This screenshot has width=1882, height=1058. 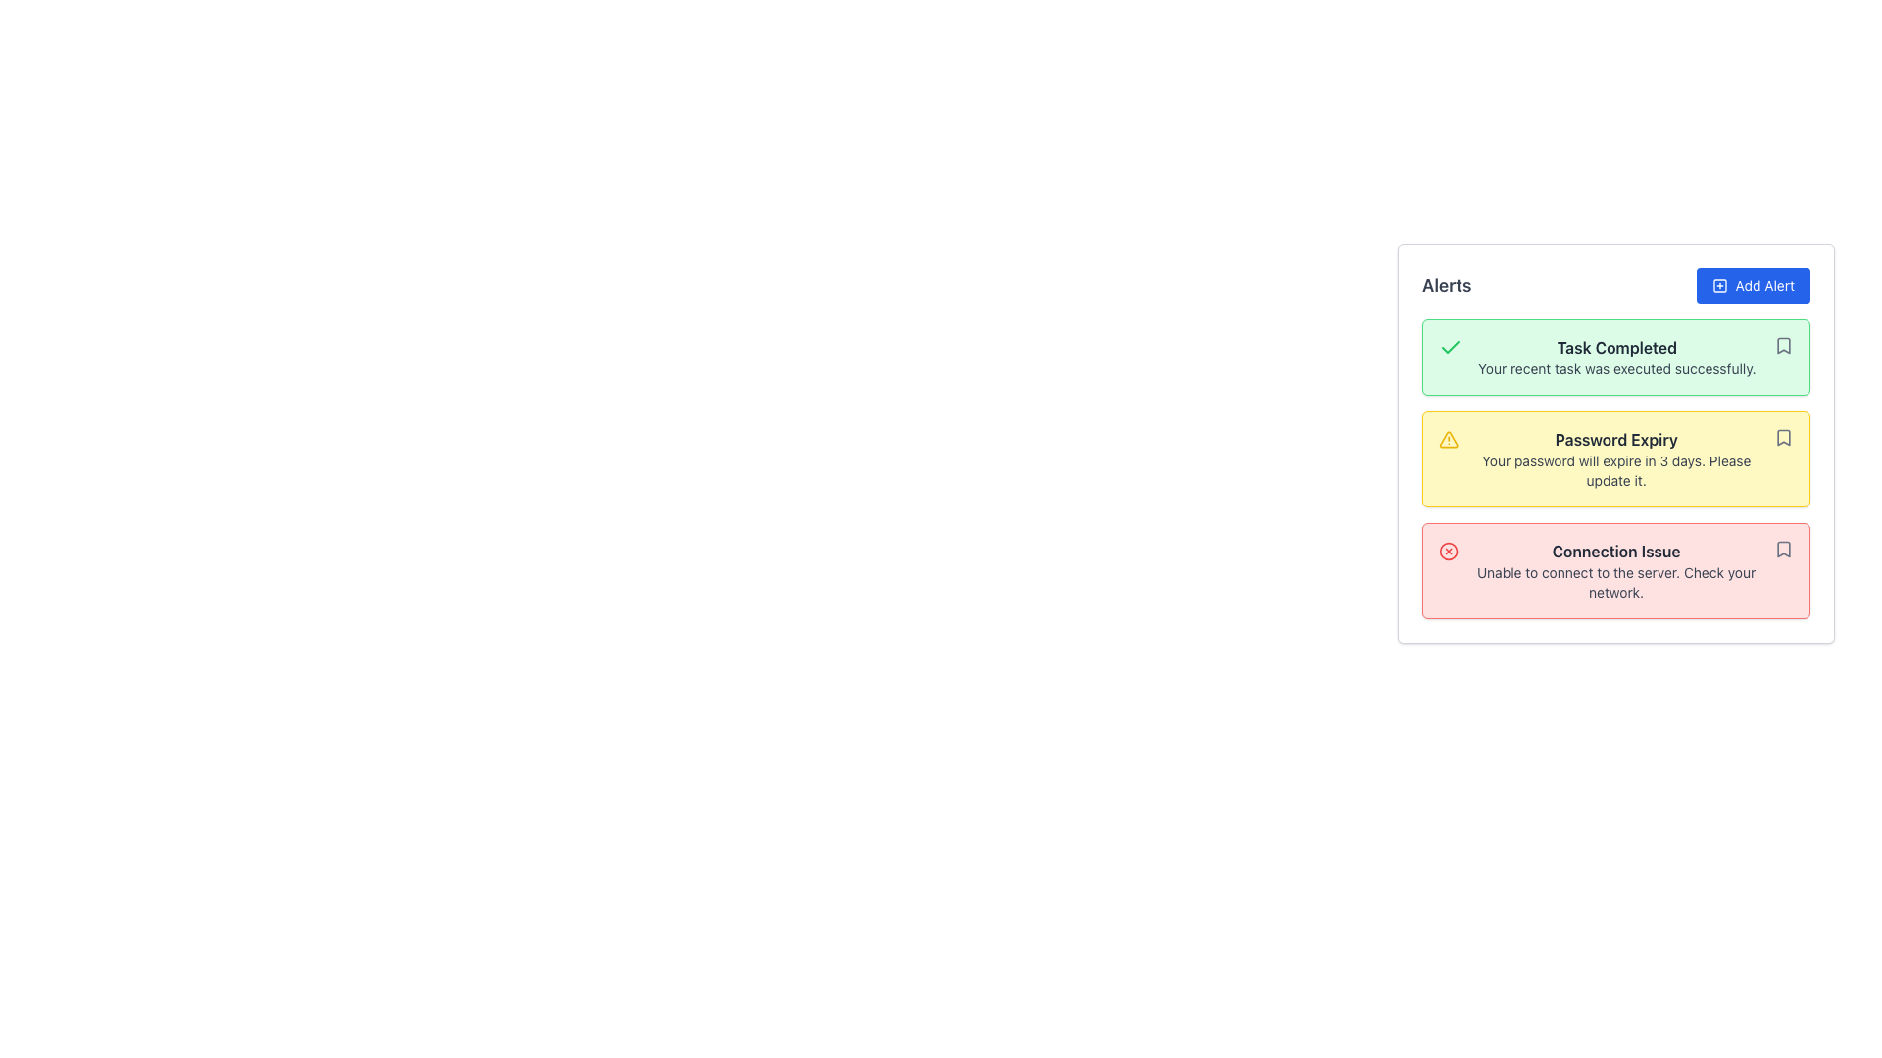 What do you see at coordinates (1783, 345) in the screenshot?
I see `the bookmark icon located in the top-right corner of the green 'Task Completed' notification card to bookmark the notification` at bounding box center [1783, 345].